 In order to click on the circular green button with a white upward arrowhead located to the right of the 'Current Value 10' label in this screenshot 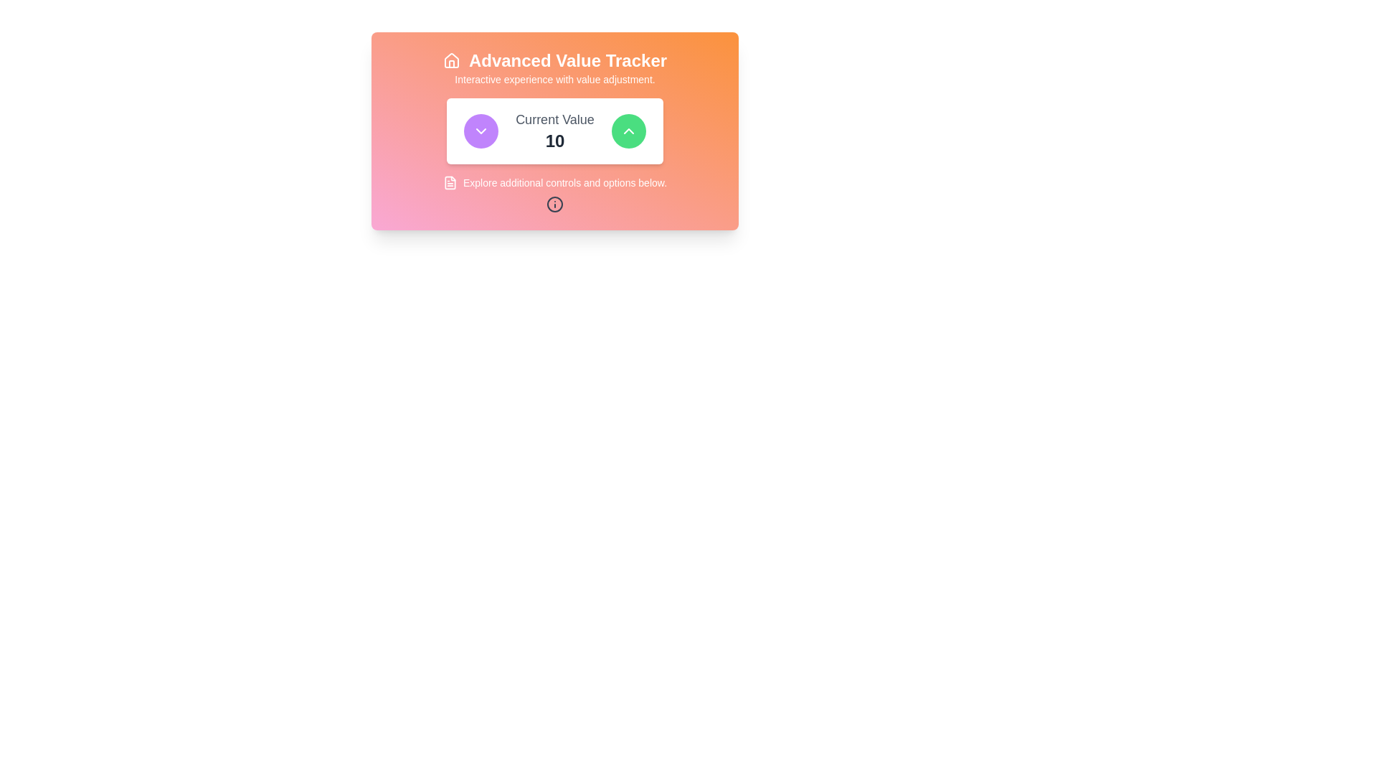, I will do `click(628, 131)`.